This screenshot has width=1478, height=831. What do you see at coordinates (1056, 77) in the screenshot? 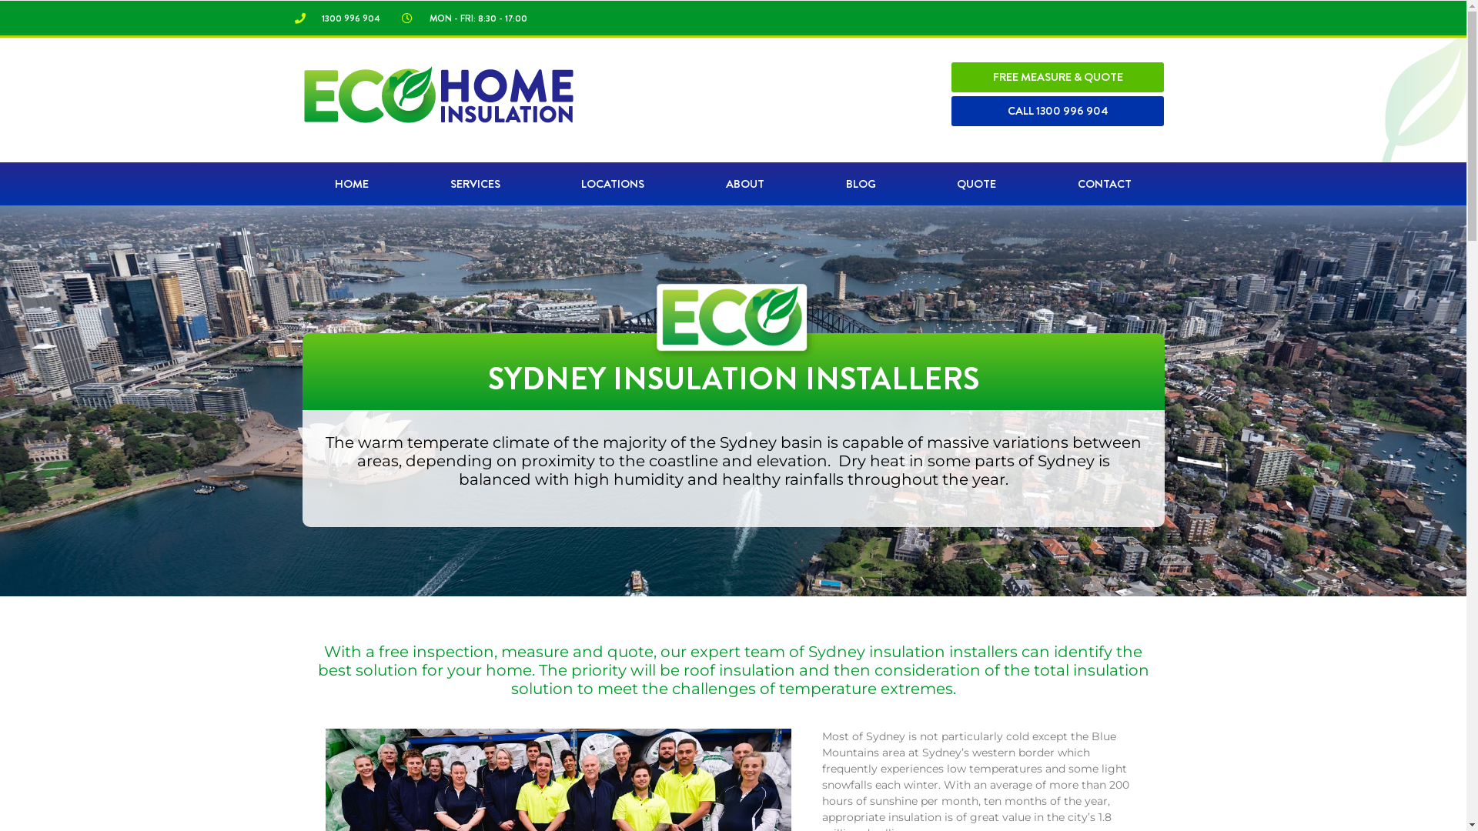
I see `'FREE MEASURE & QUOTE'` at bounding box center [1056, 77].